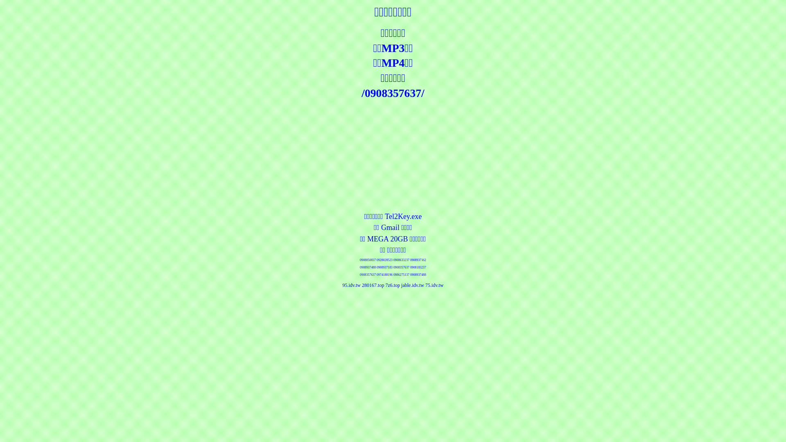 Image resolution: width=786 pixels, height=442 pixels. Describe the element at coordinates (413, 285) in the screenshot. I see `'jable.idv.tw'` at that location.